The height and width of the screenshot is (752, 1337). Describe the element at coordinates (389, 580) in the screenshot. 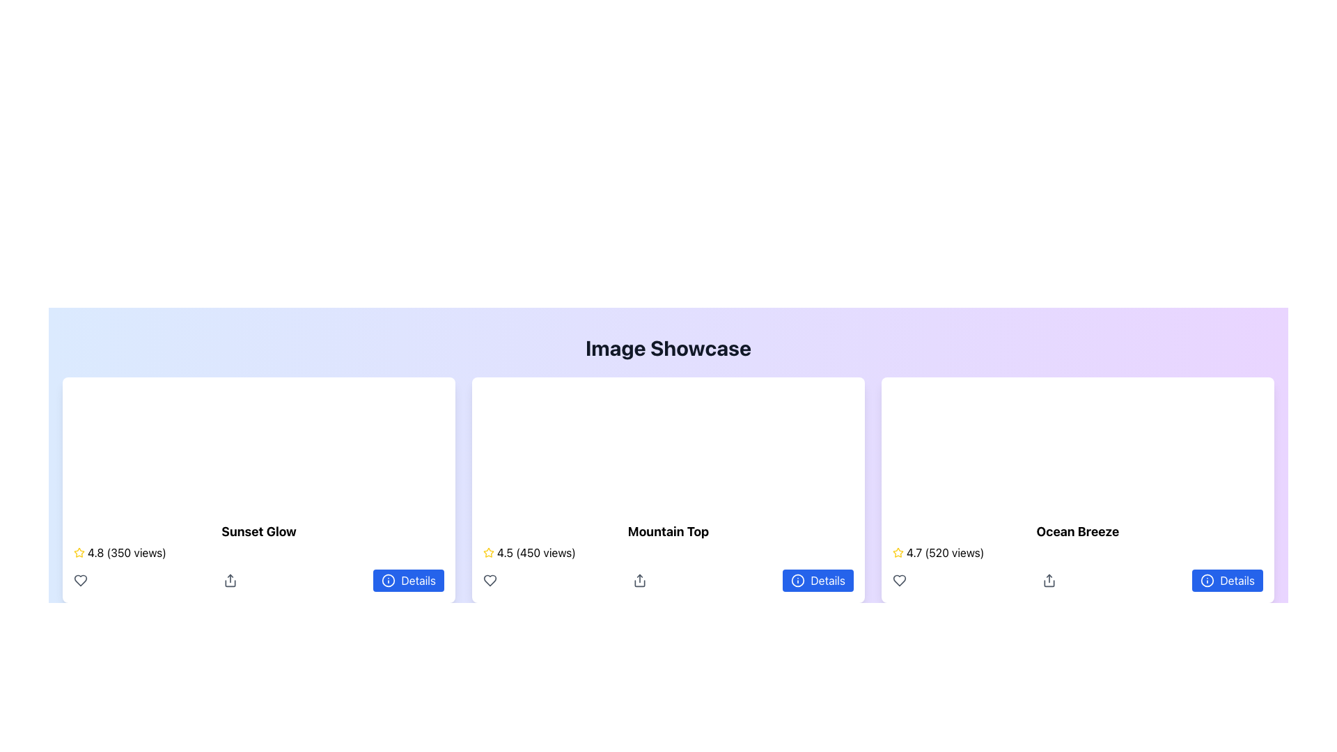

I see `the leftmost icon of the 'Details' button located at the bottom right corner of the image card` at that location.